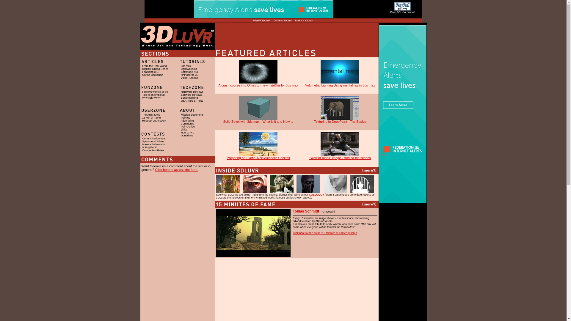 This screenshot has height=321, width=571. I want to click on 'Make a Submission', so click(154, 144).